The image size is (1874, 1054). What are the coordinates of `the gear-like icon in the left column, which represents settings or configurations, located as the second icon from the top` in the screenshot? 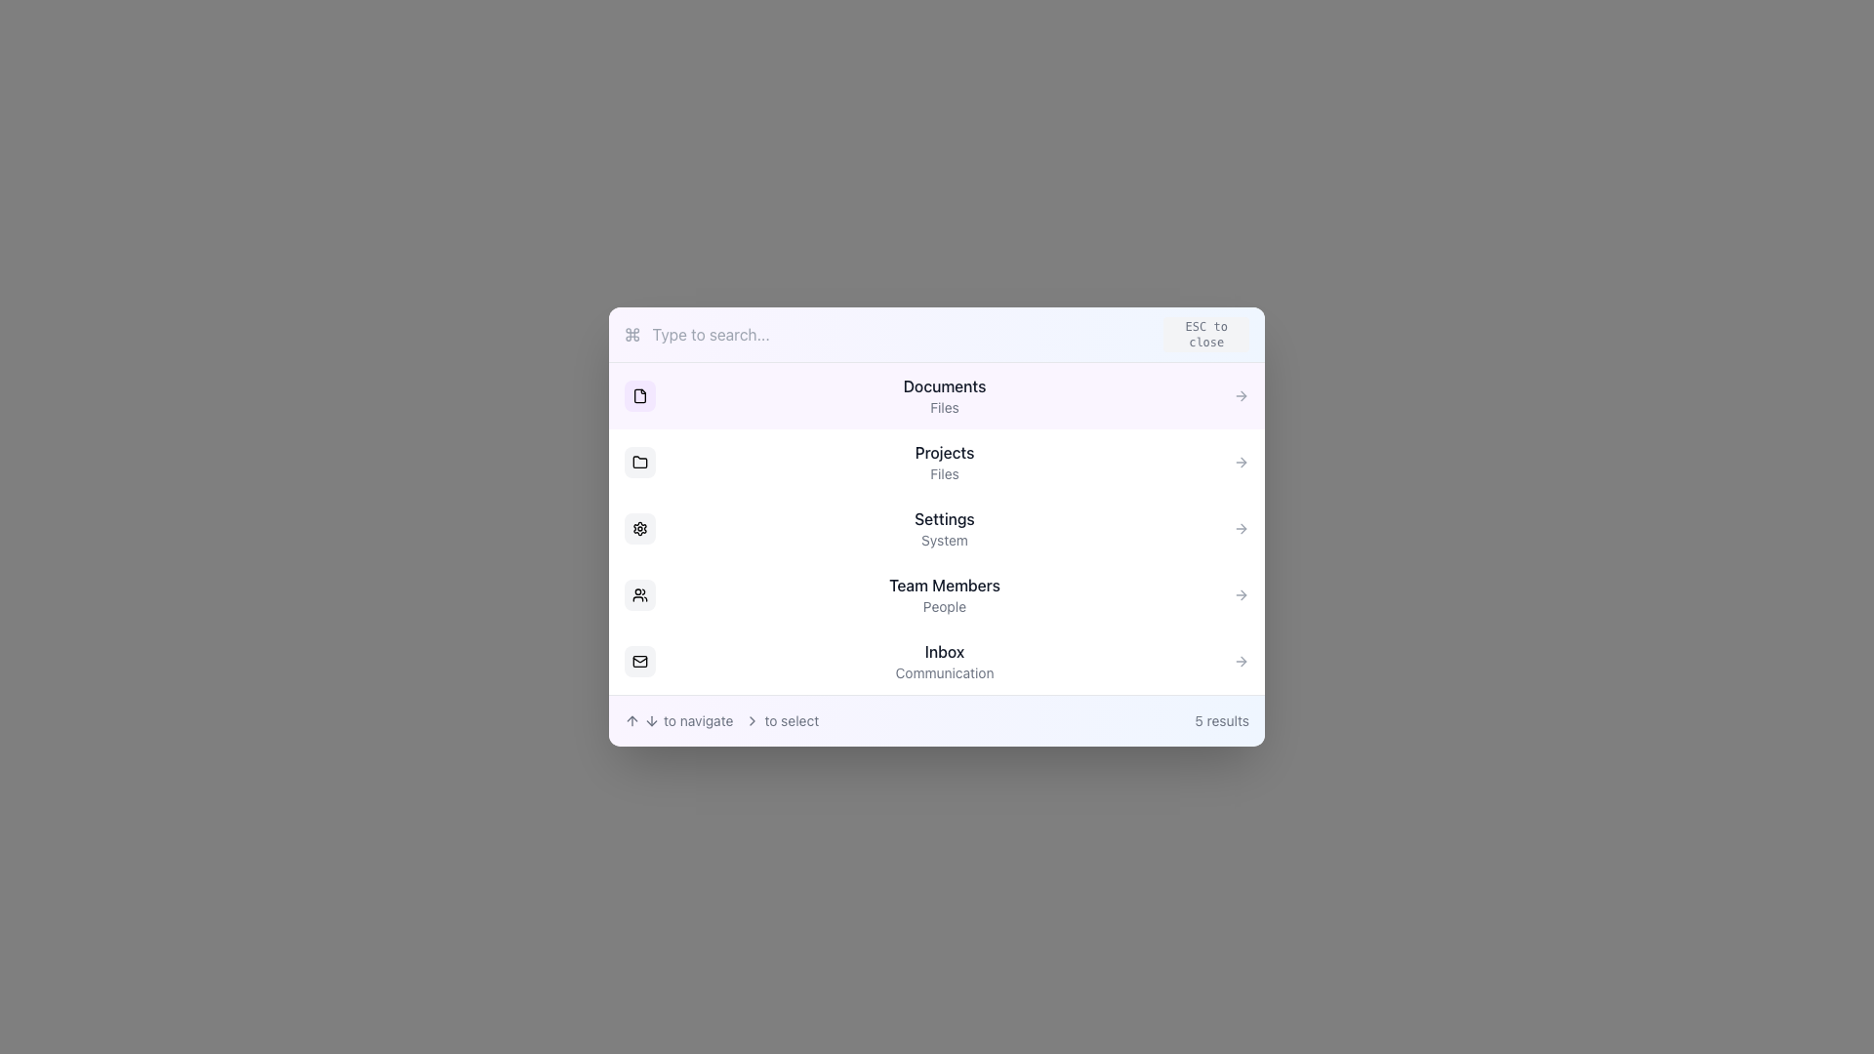 It's located at (640, 529).